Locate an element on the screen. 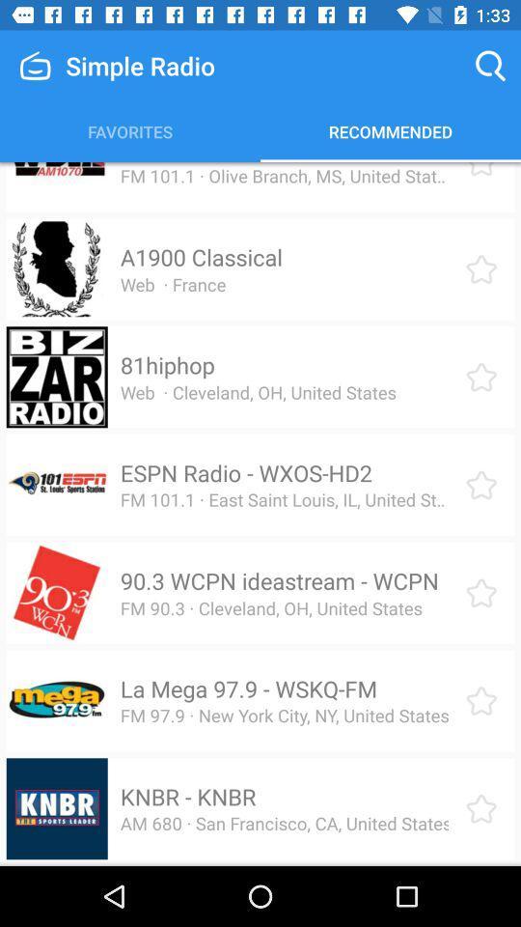  the knbr - knbr icon is located at coordinates (188, 797).